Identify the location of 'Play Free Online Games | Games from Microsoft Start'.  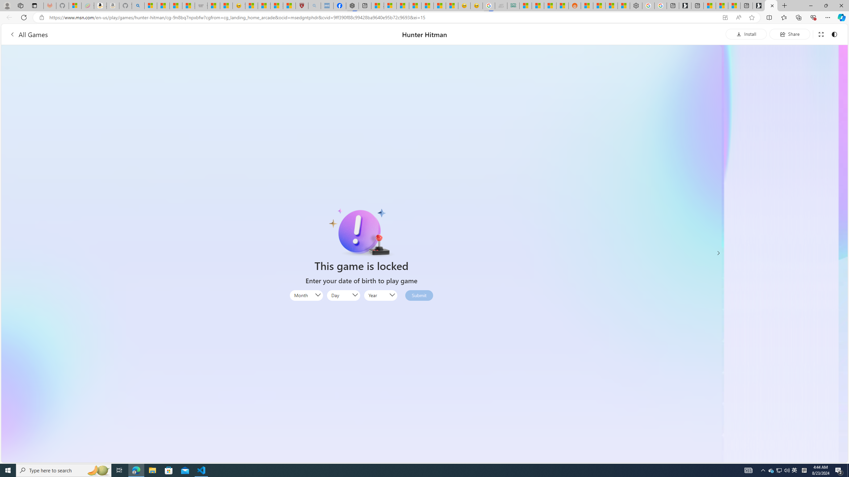
(758, 5).